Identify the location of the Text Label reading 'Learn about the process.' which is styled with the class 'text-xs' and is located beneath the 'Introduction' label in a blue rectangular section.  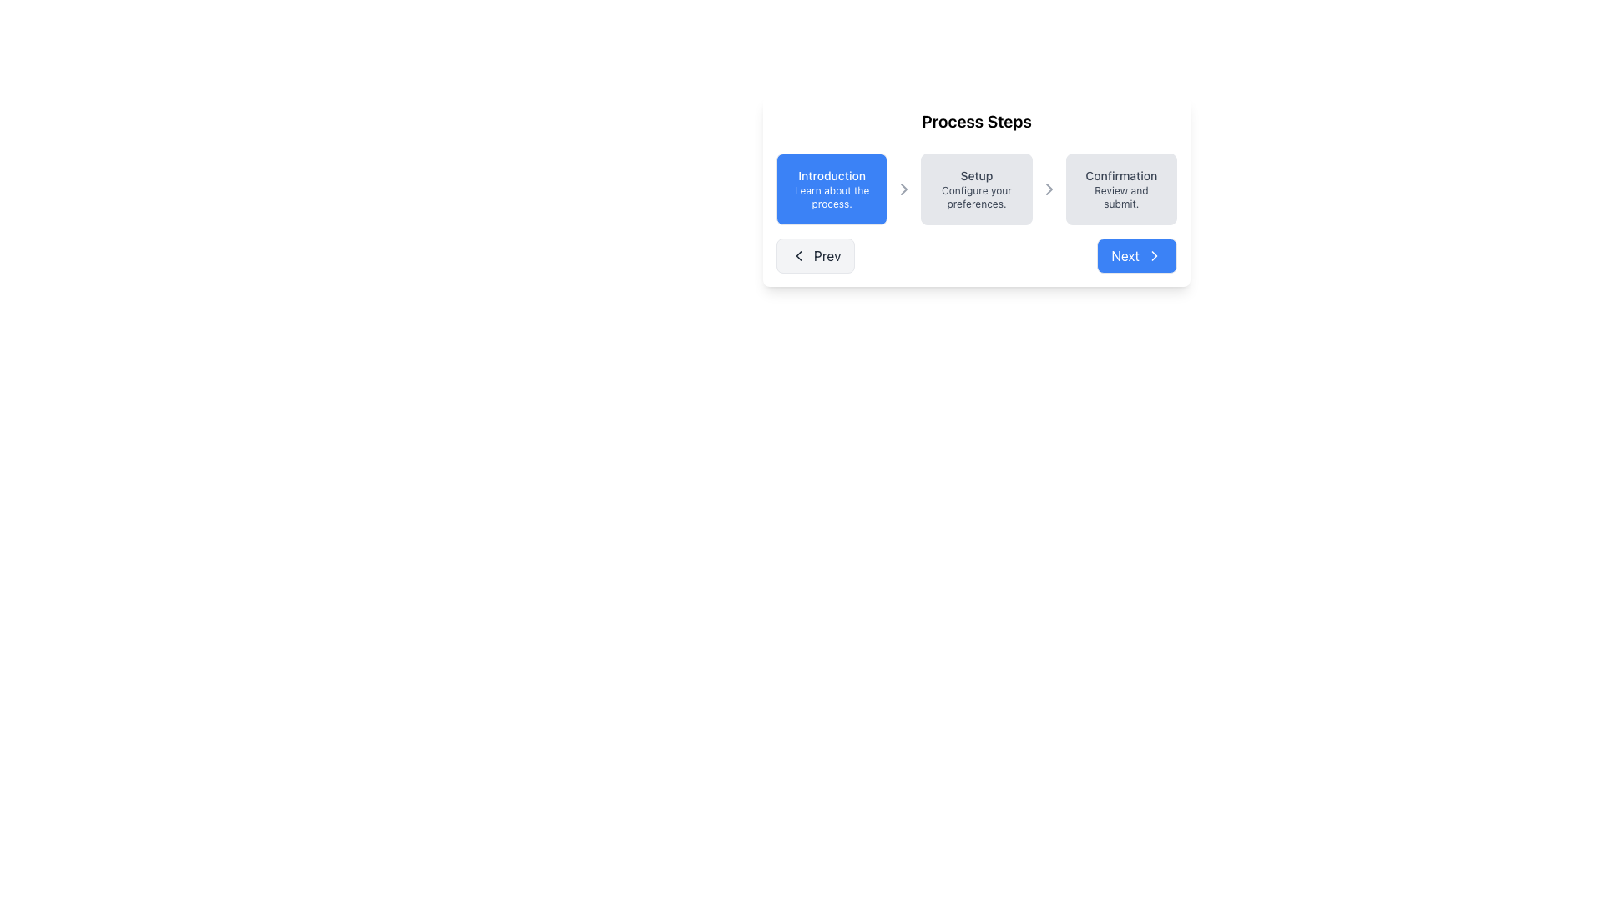
(832, 196).